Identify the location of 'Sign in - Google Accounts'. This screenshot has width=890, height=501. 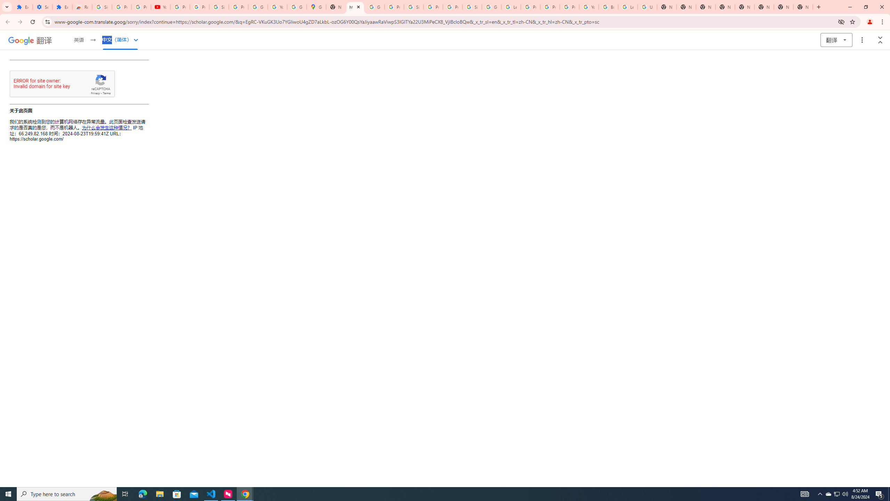
(413, 7).